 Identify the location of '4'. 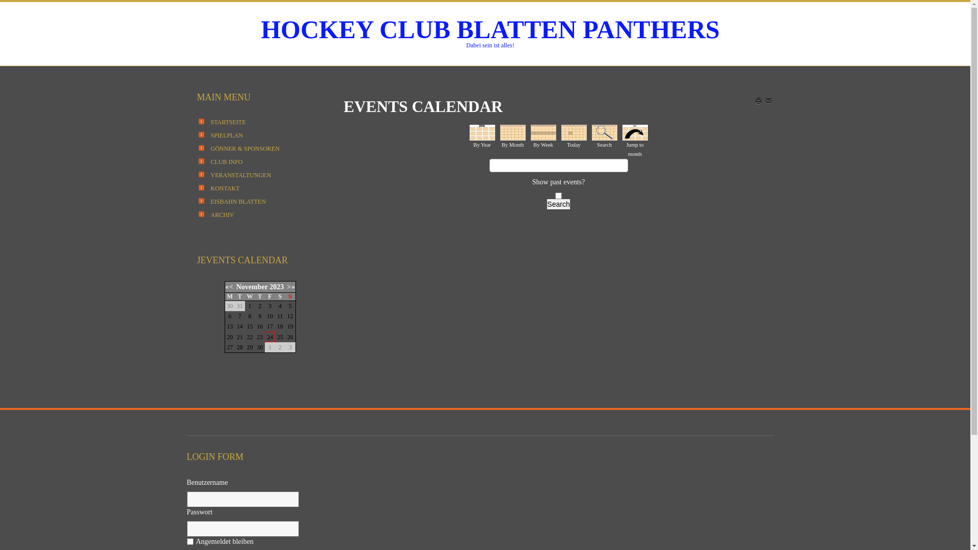
(280, 306).